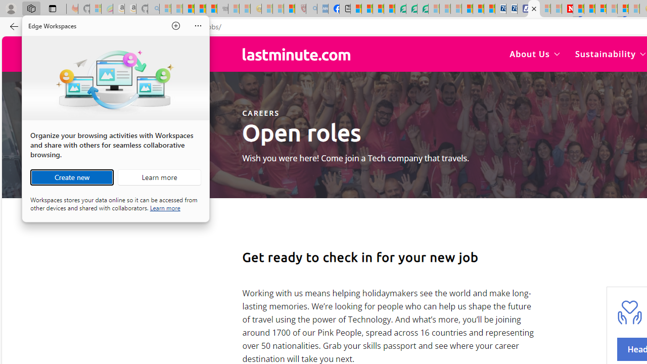  Describe the element at coordinates (534, 54) in the screenshot. I see `'About Us'` at that location.